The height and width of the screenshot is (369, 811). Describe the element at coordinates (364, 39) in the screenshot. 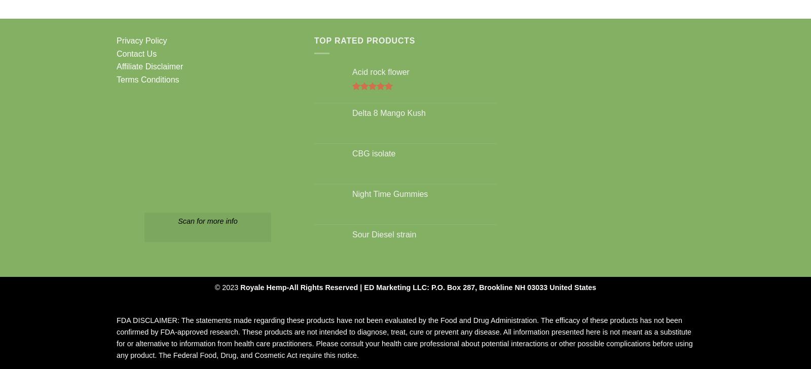

I see `'Top rated products'` at that location.